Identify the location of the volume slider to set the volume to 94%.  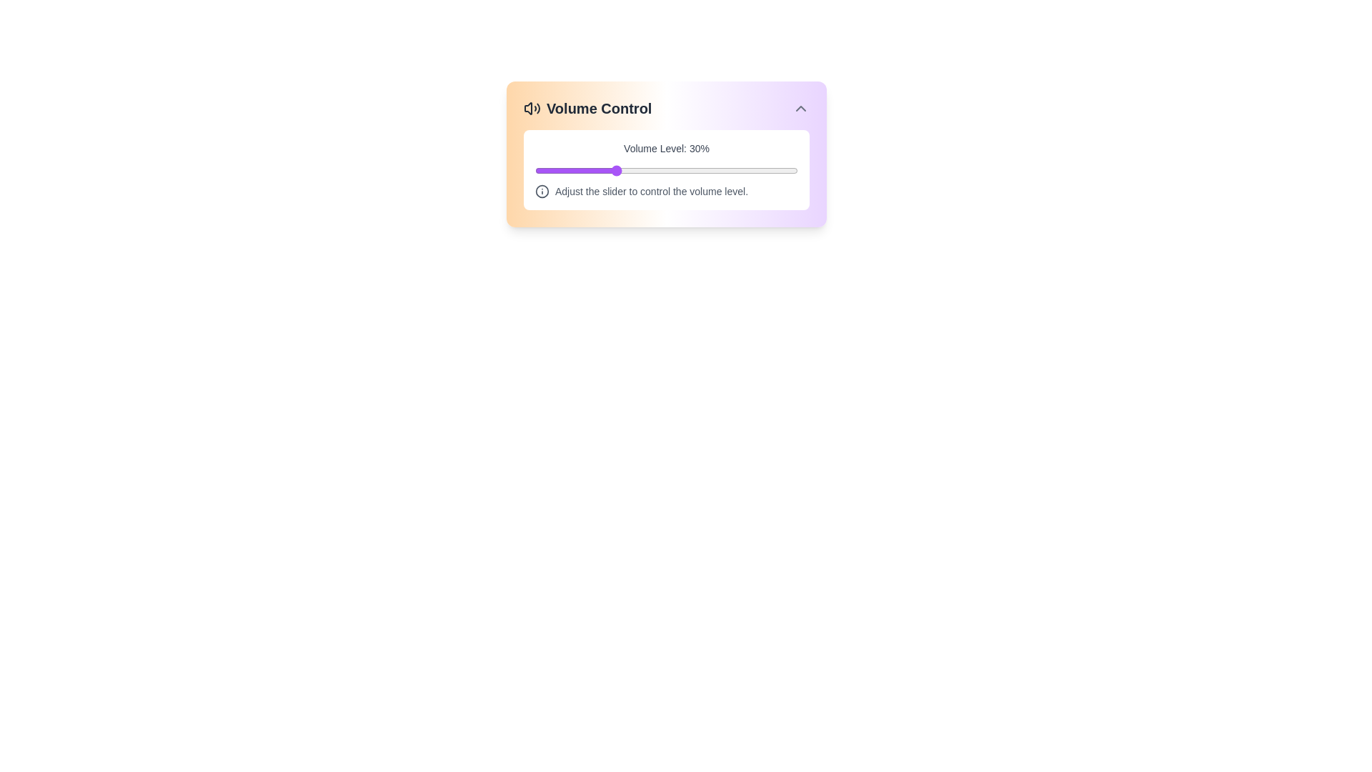
(781, 170).